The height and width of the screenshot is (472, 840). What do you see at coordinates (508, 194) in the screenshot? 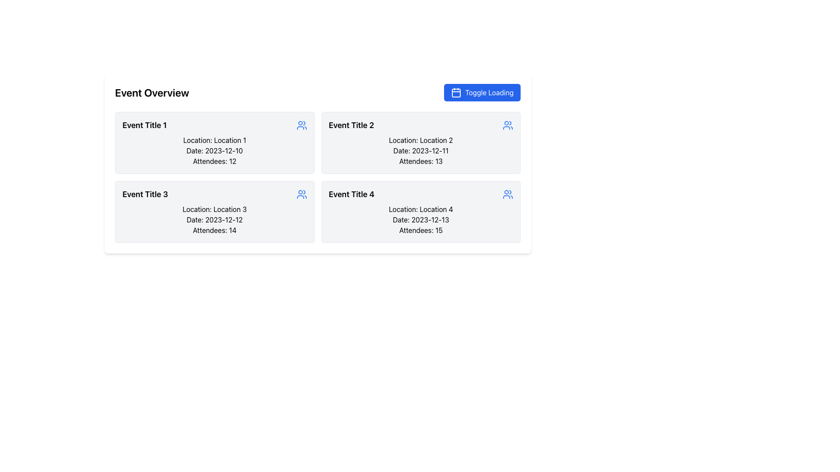
I see `the icon located to the right of the 'Event Title 4' text` at bounding box center [508, 194].